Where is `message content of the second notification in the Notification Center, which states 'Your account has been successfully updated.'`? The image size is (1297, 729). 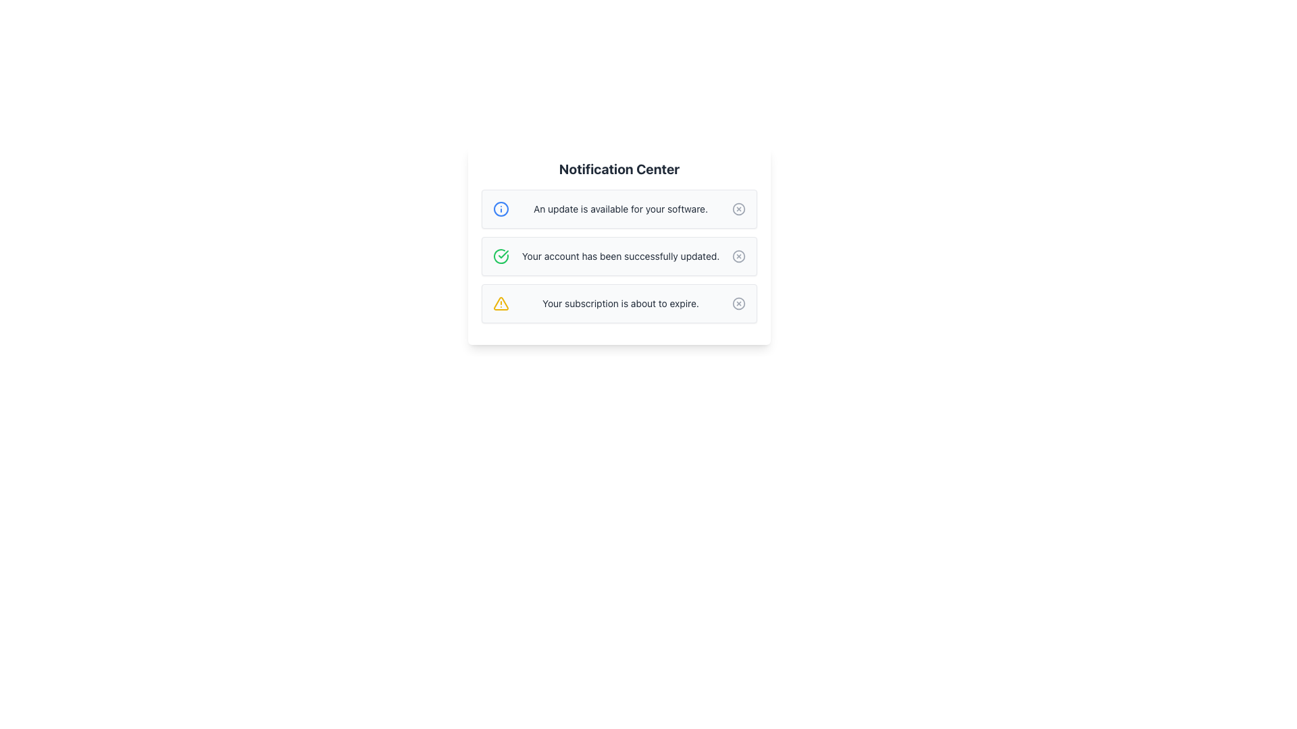 message content of the second notification in the Notification Center, which states 'Your account has been successfully updated.' is located at coordinates (618, 256).